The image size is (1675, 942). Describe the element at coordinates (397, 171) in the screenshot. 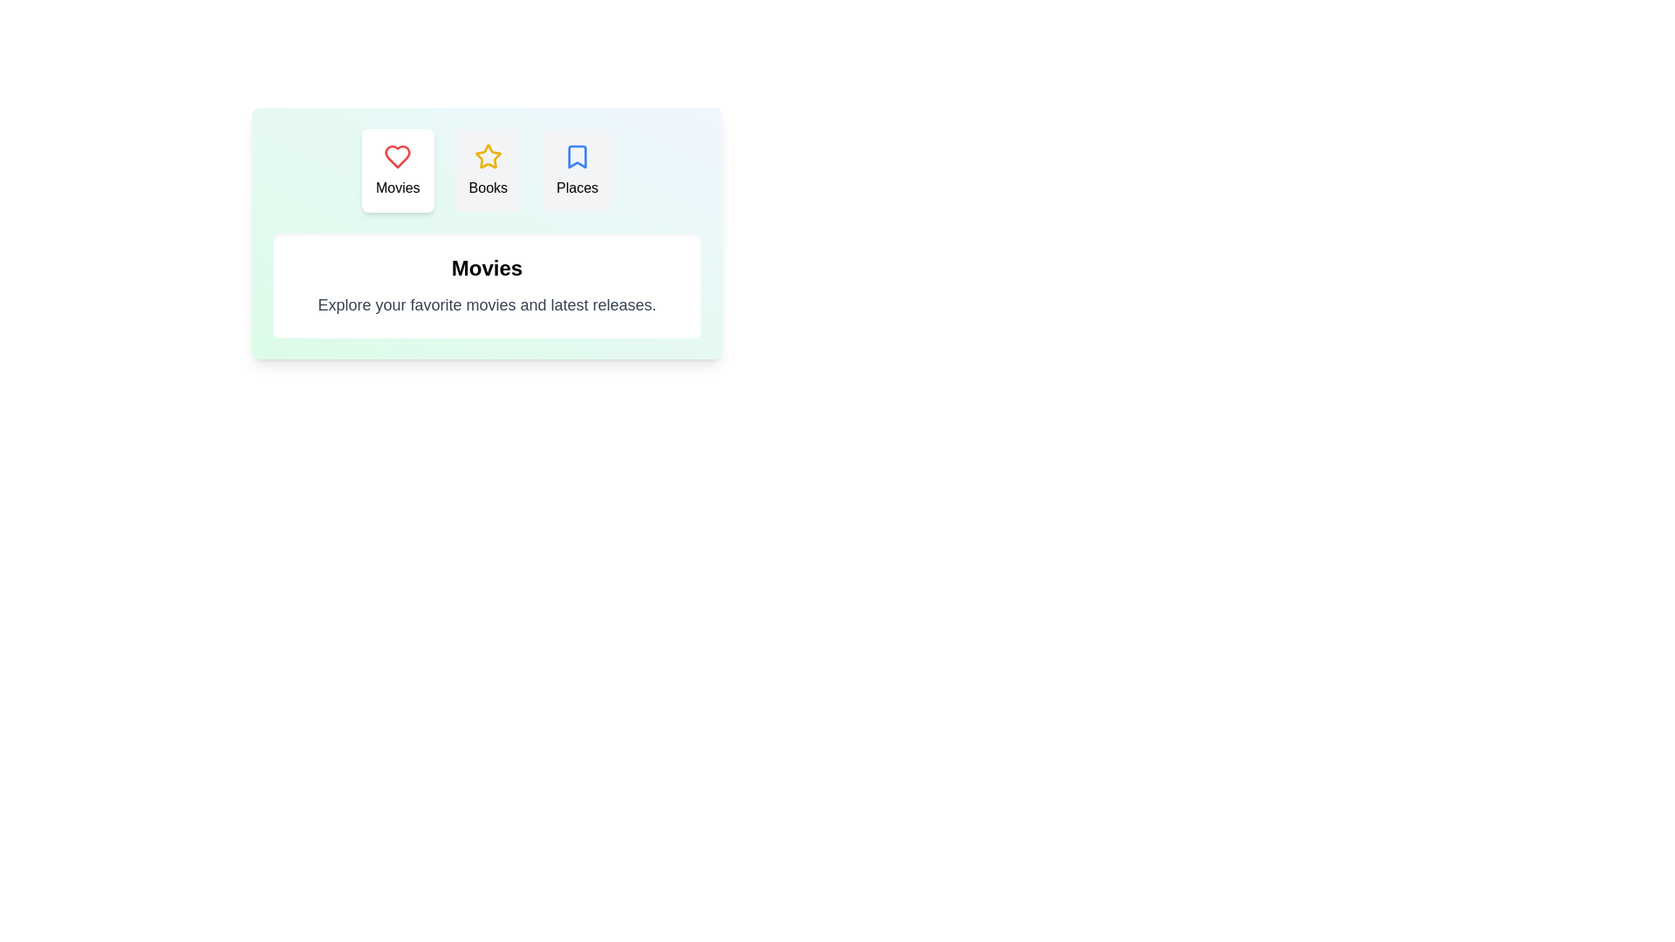

I see `the tab labeled Movies` at that location.